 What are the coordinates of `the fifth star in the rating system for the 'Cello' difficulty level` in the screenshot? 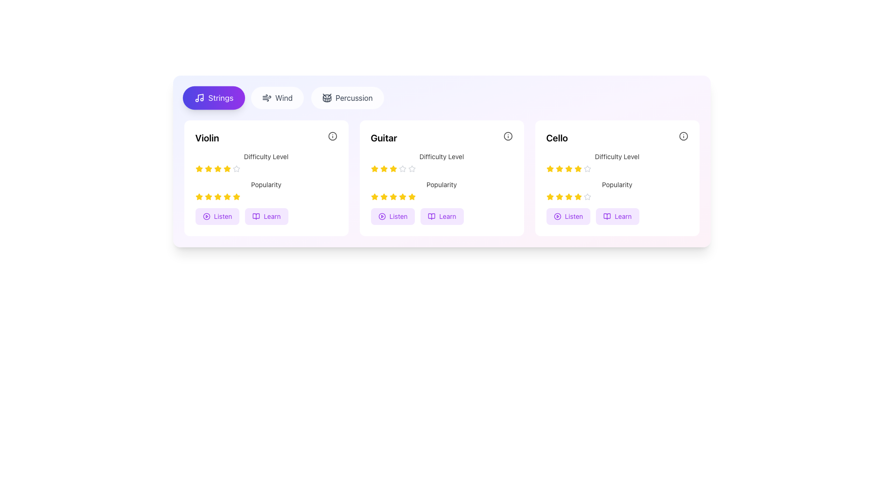 It's located at (586, 168).